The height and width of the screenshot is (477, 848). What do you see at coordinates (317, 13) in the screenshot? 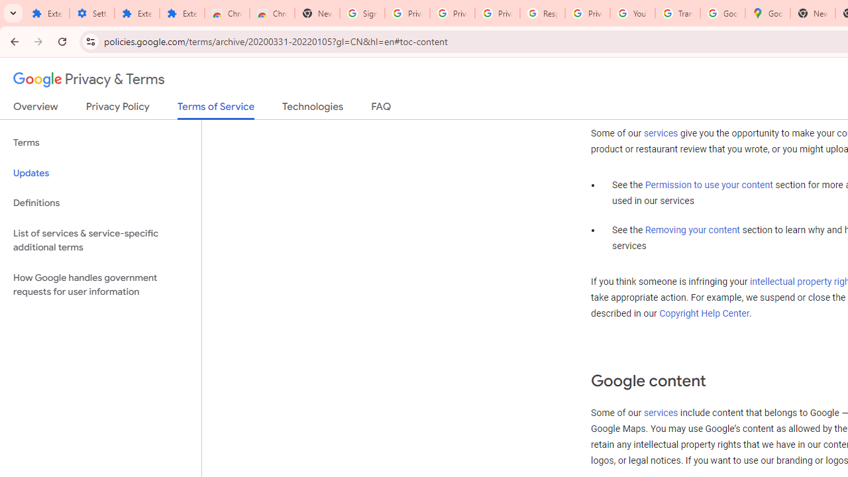
I see `'New Tab'` at bounding box center [317, 13].